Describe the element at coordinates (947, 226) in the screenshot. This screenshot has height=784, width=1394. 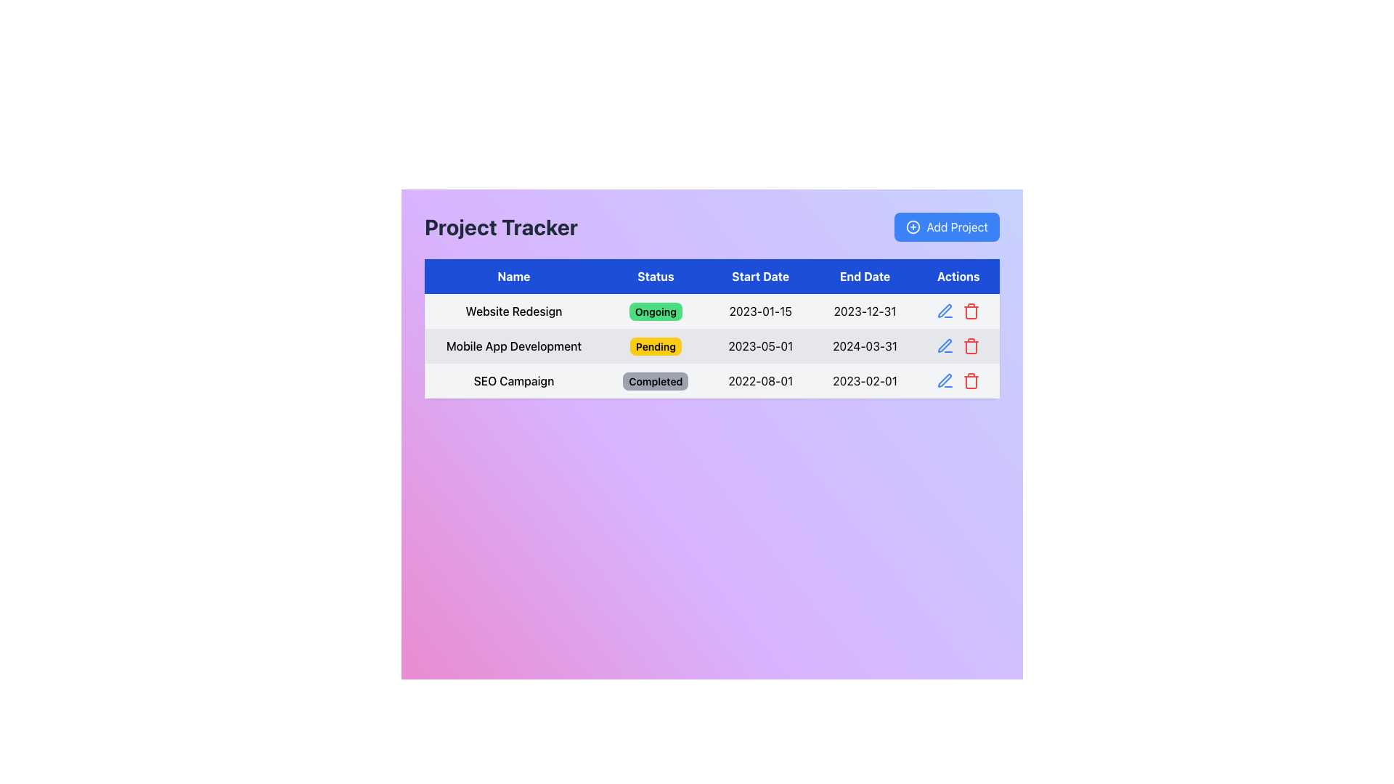
I see `the 'Add Project' button located in the top-right corner of the 'Project Tracker' section to indicate interaction` at that location.